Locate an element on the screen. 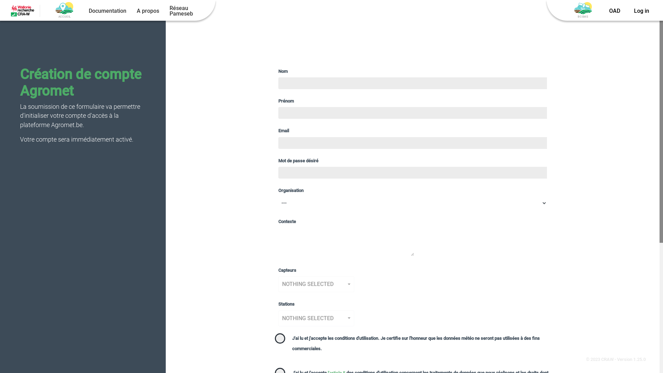 Image resolution: width=663 pixels, height=373 pixels. 'Accueil' is located at coordinates (64, 8).